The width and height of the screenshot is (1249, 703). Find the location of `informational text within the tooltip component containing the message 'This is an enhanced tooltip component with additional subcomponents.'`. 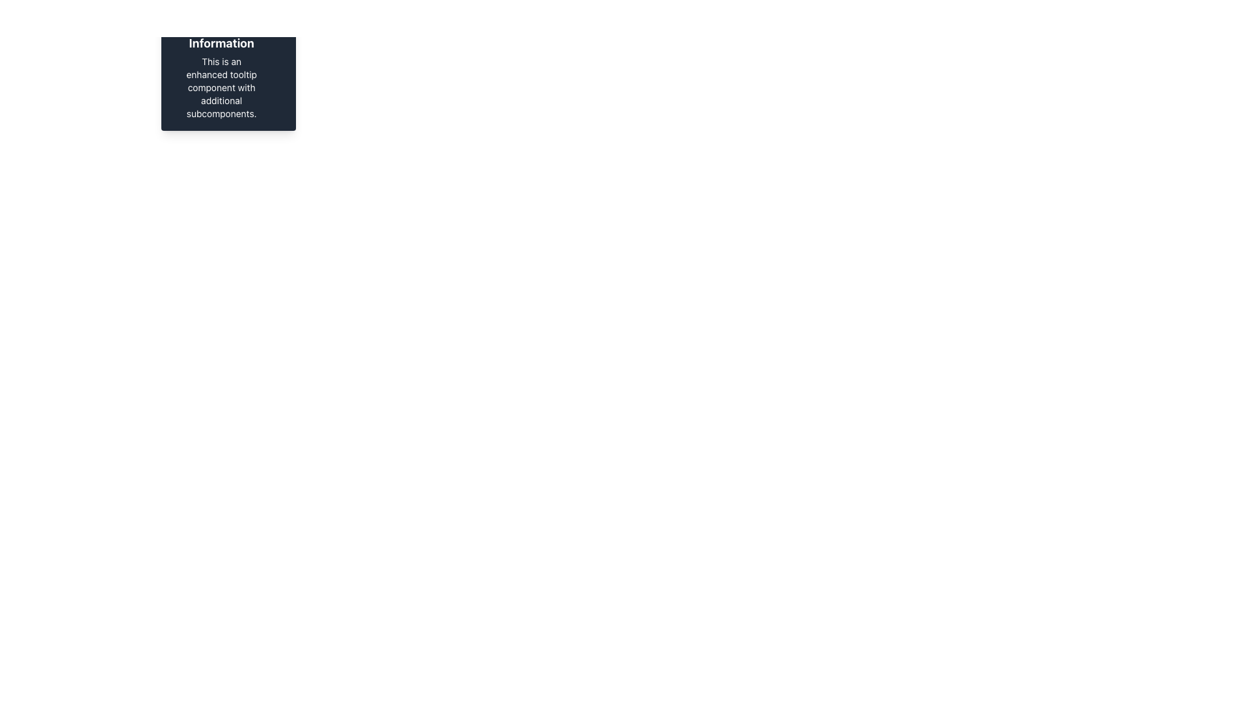

informational text within the tooltip component containing the message 'This is an enhanced tooltip component with additional subcomponents.' is located at coordinates (201, 65).